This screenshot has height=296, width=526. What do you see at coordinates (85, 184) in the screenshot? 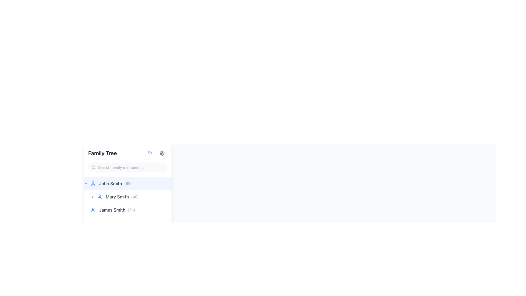
I see `the downward-facing chevron icon, which is styled with a blue stroke` at bounding box center [85, 184].